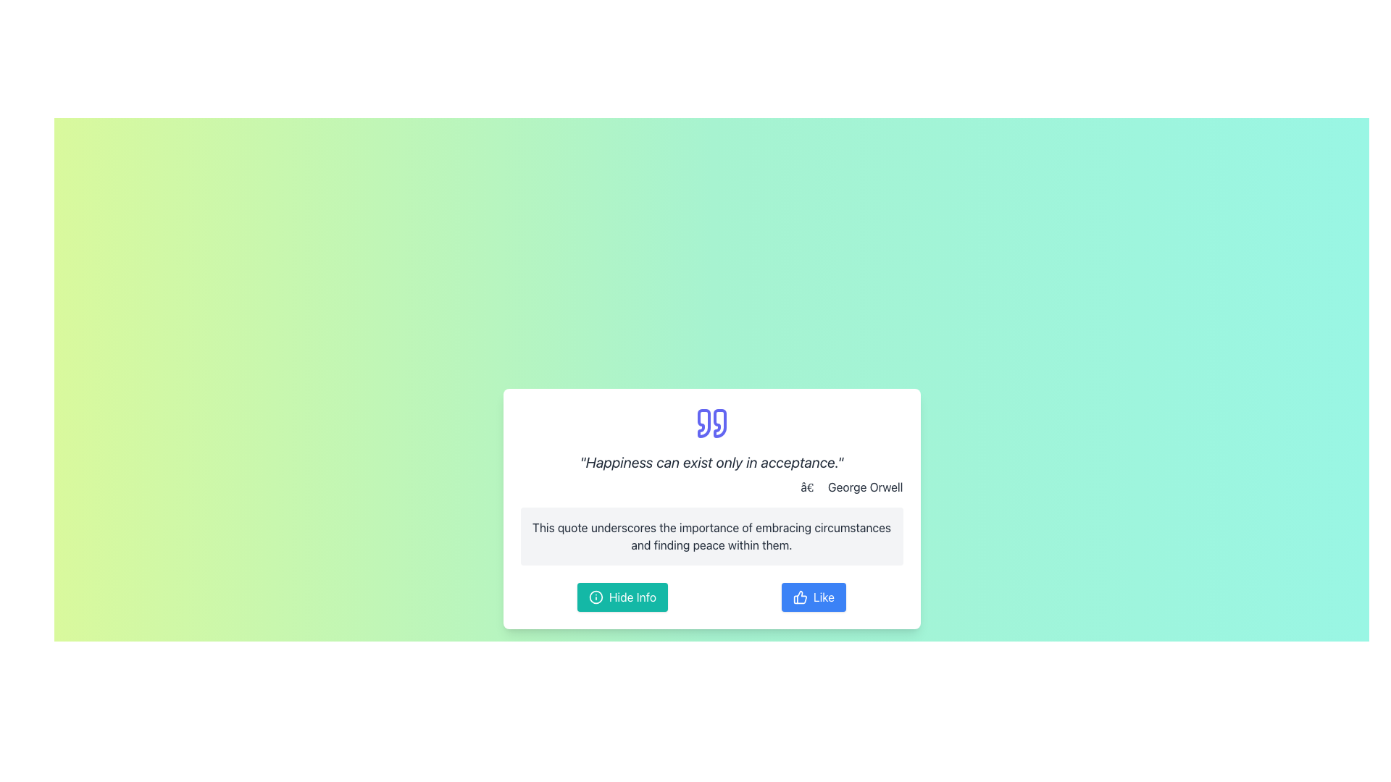 The width and height of the screenshot is (1391, 782). What do you see at coordinates (596, 597) in the screenshot?
I see `the Circle SVG element that is part of the 'Hide Info' button, which serves as an icon indicating information` at bounding box center [596, 597].